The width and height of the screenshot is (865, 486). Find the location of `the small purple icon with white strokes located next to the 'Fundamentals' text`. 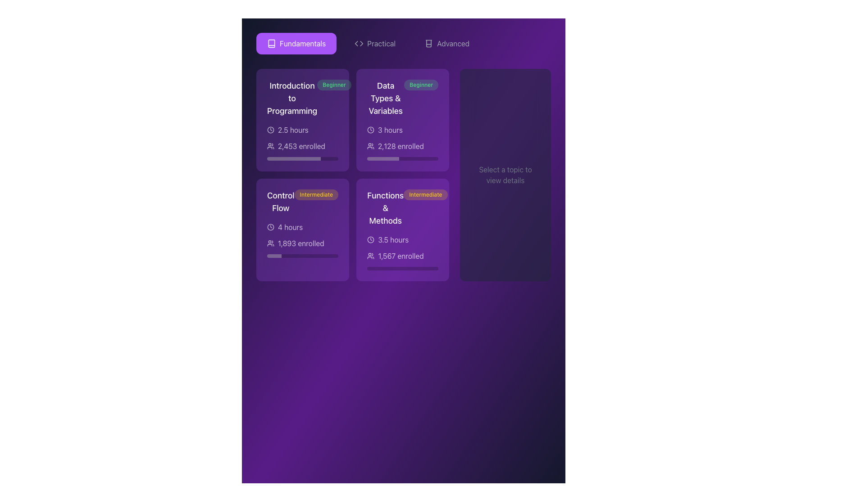

the small purple icon with white strokes located next to the 'Fundamentals' text is located at coordinates (271, 43).